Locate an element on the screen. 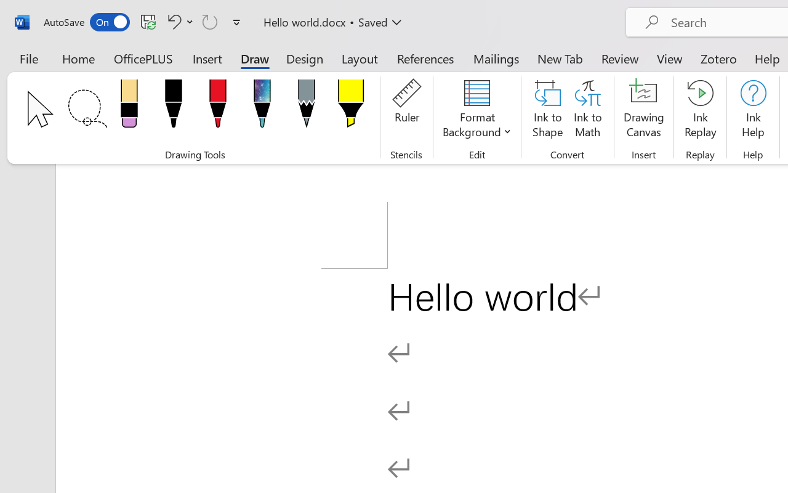 The width and height of the screenshot is (788, 493). 'Insert' is located at coordinates (207, 58).